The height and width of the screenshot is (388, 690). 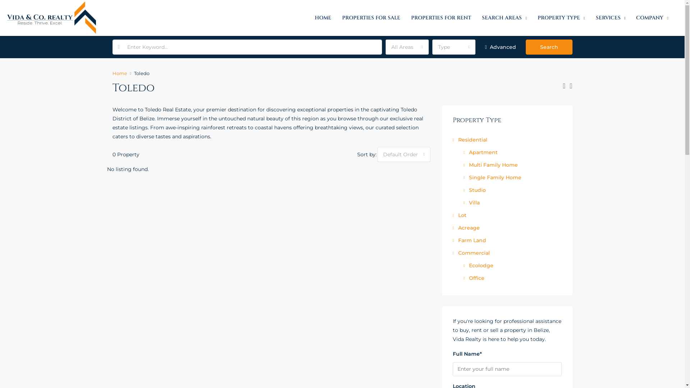 I want to click on 'Search', so click(x=525, y=47).